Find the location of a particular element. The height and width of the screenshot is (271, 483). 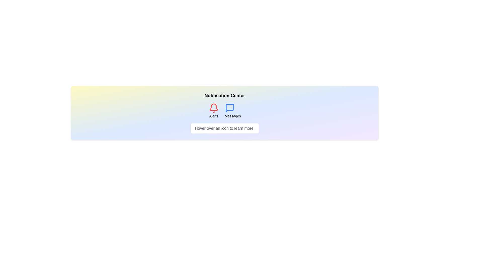

the 'Alerts' or 'Messages' icon within the Notification Center is located at coordinates (224, 111).